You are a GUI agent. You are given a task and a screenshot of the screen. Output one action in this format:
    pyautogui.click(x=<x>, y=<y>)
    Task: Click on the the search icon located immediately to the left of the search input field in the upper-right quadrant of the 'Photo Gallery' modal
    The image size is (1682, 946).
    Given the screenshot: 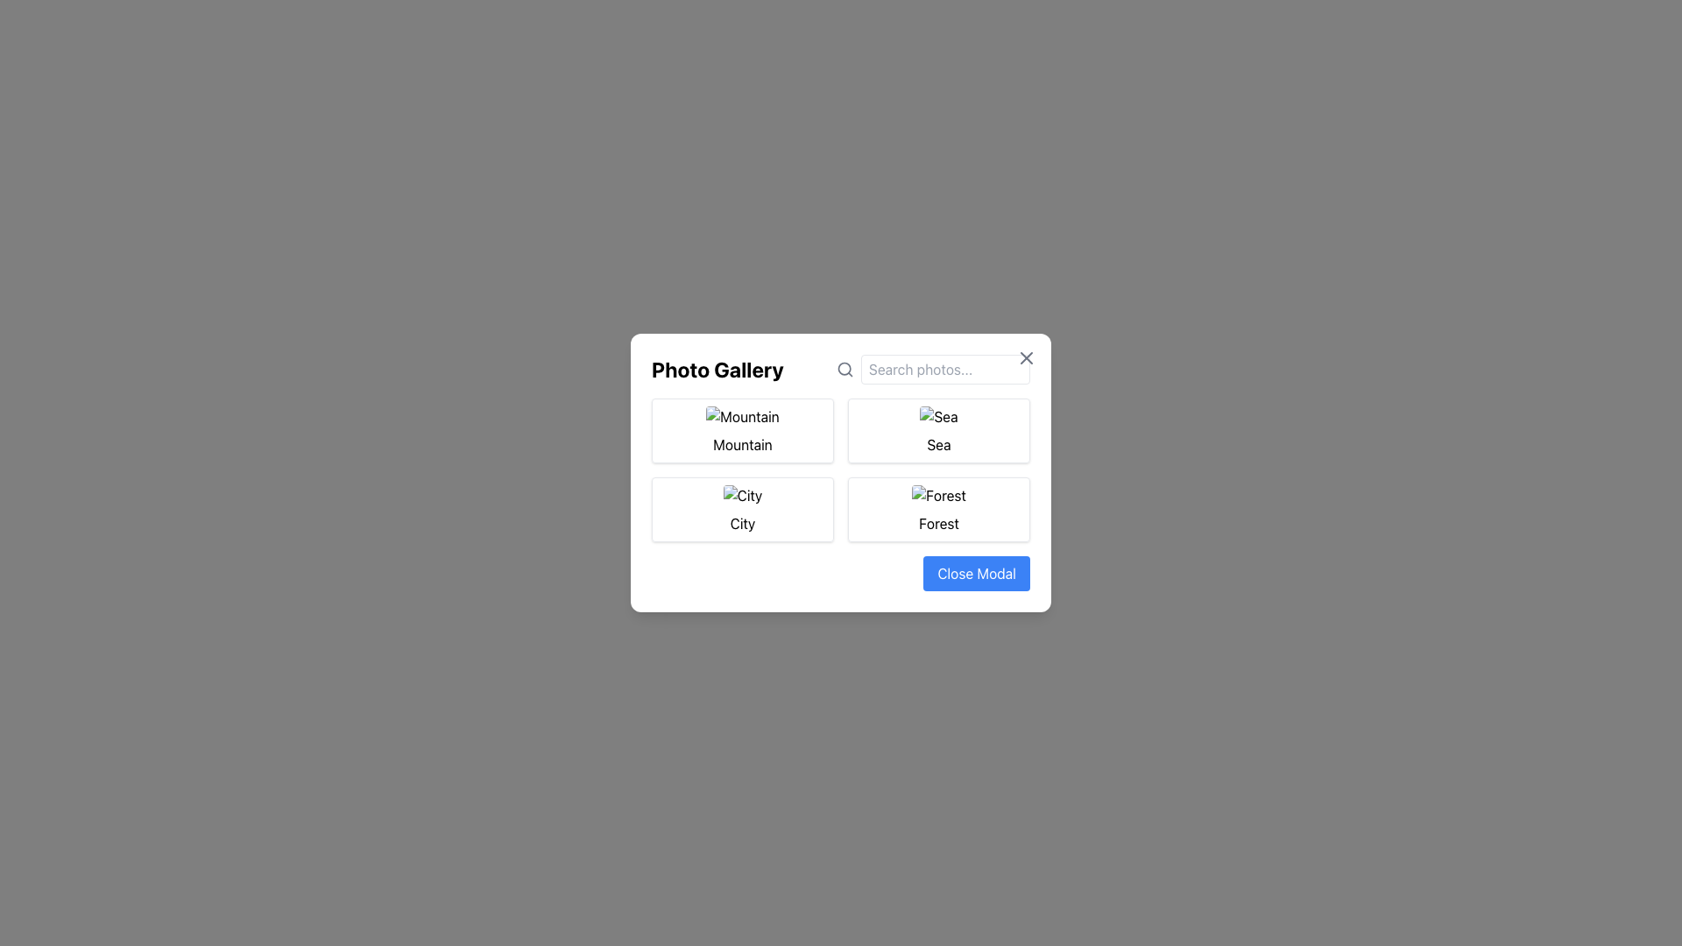 What is the action you would take?
    pyautogui.click(x=845, y=368)
    